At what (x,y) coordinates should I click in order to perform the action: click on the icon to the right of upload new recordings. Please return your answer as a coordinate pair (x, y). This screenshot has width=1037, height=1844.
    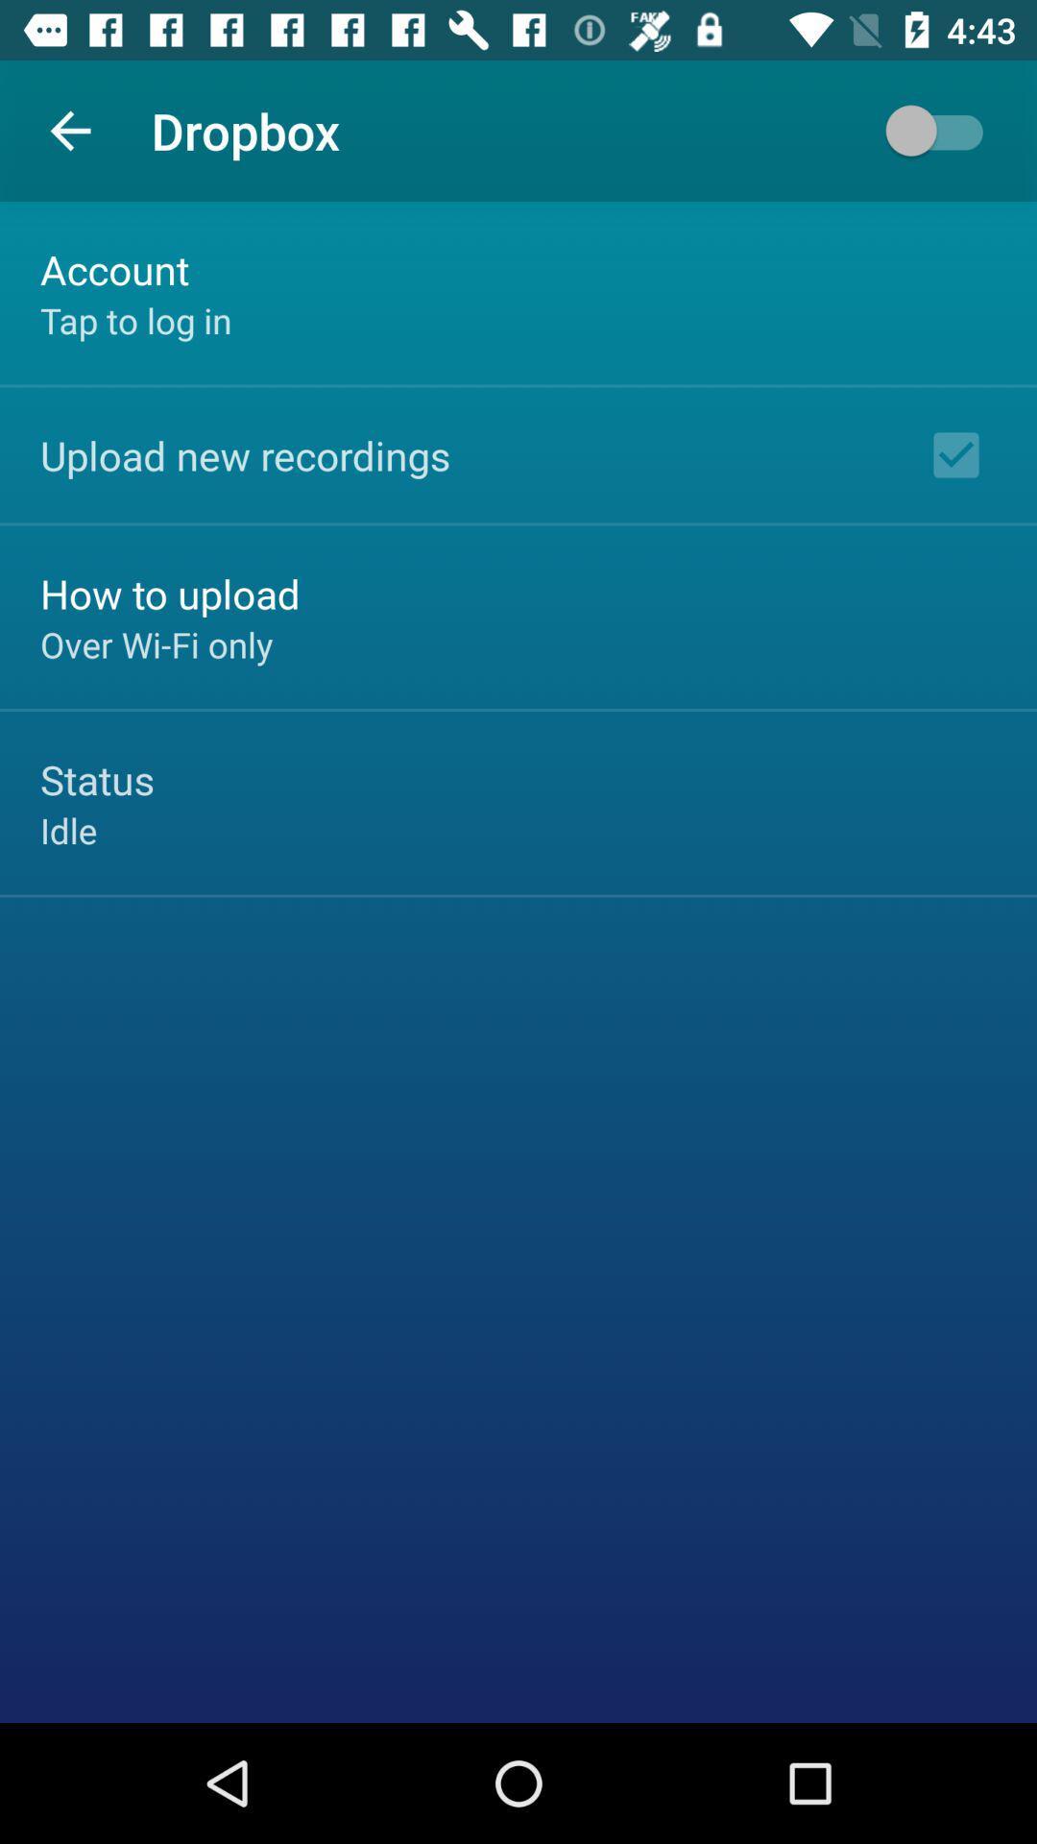
    Looking at the image, I should click on (955, 454).